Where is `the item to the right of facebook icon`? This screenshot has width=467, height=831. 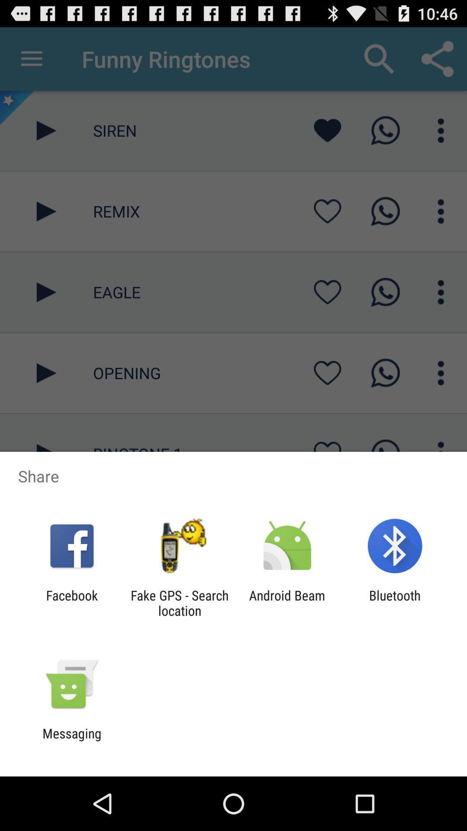
the item to the right of facebook icon is located at coordinates (179, 602).